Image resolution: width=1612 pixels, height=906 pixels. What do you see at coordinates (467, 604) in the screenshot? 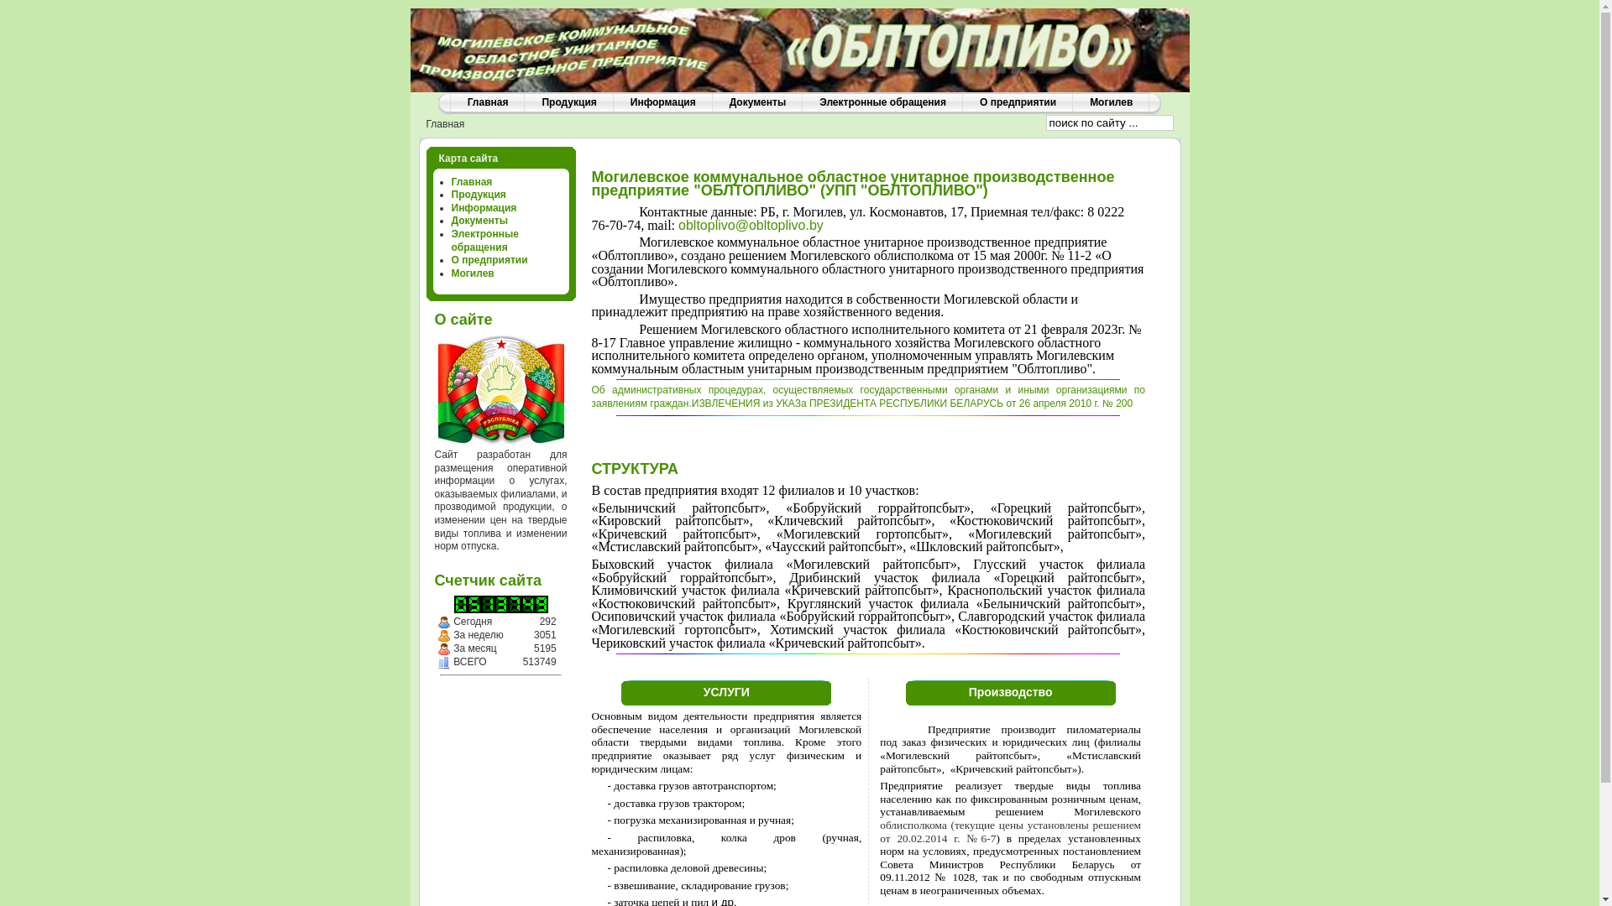
I see `'Vinaora Visitors Counter'` at bounding box center [467, 604].